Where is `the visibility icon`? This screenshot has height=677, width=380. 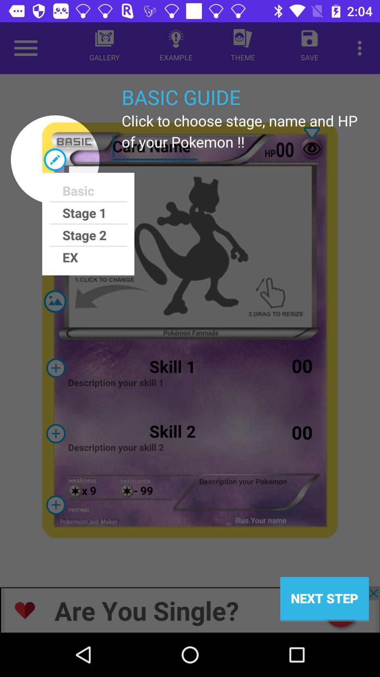
the visibility icon is located at coordinates (55, 505).